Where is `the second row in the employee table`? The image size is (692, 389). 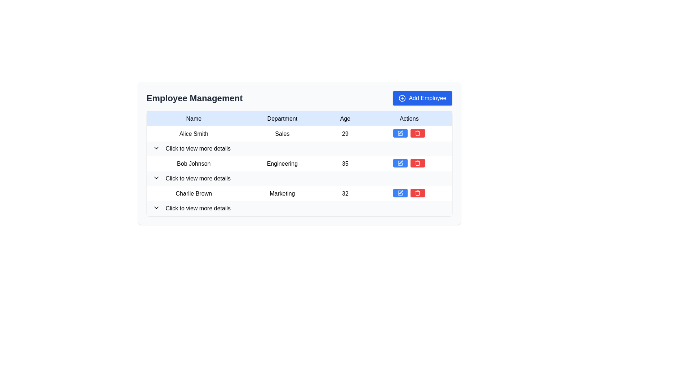 the second row in the employee table is located at coordinates (299, 171).